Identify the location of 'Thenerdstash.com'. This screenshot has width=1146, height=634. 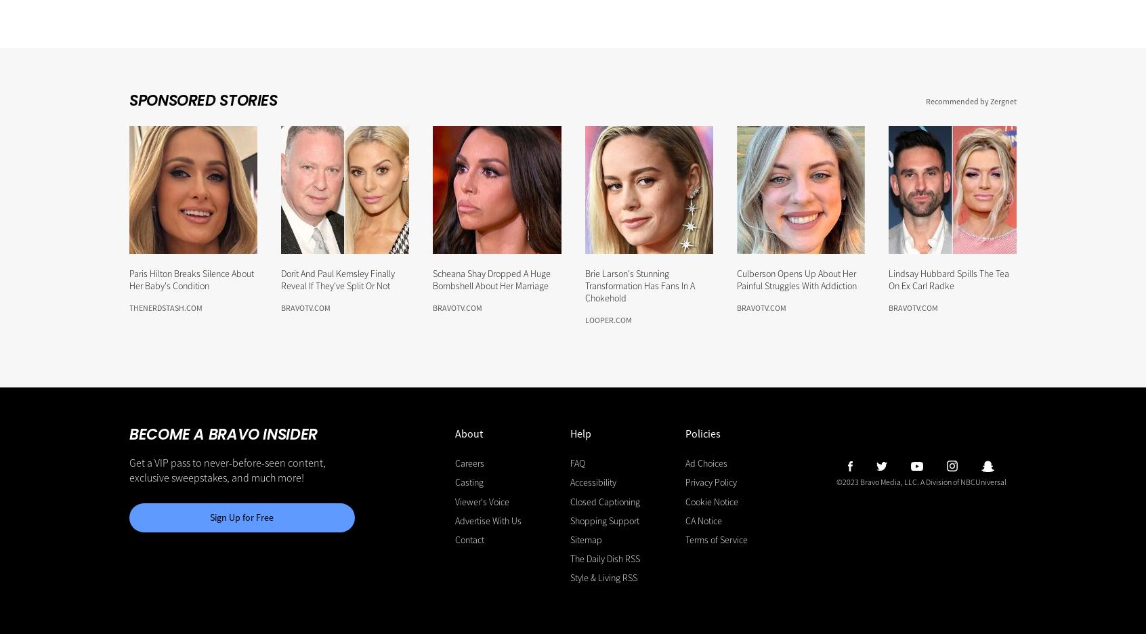
(166, 308).